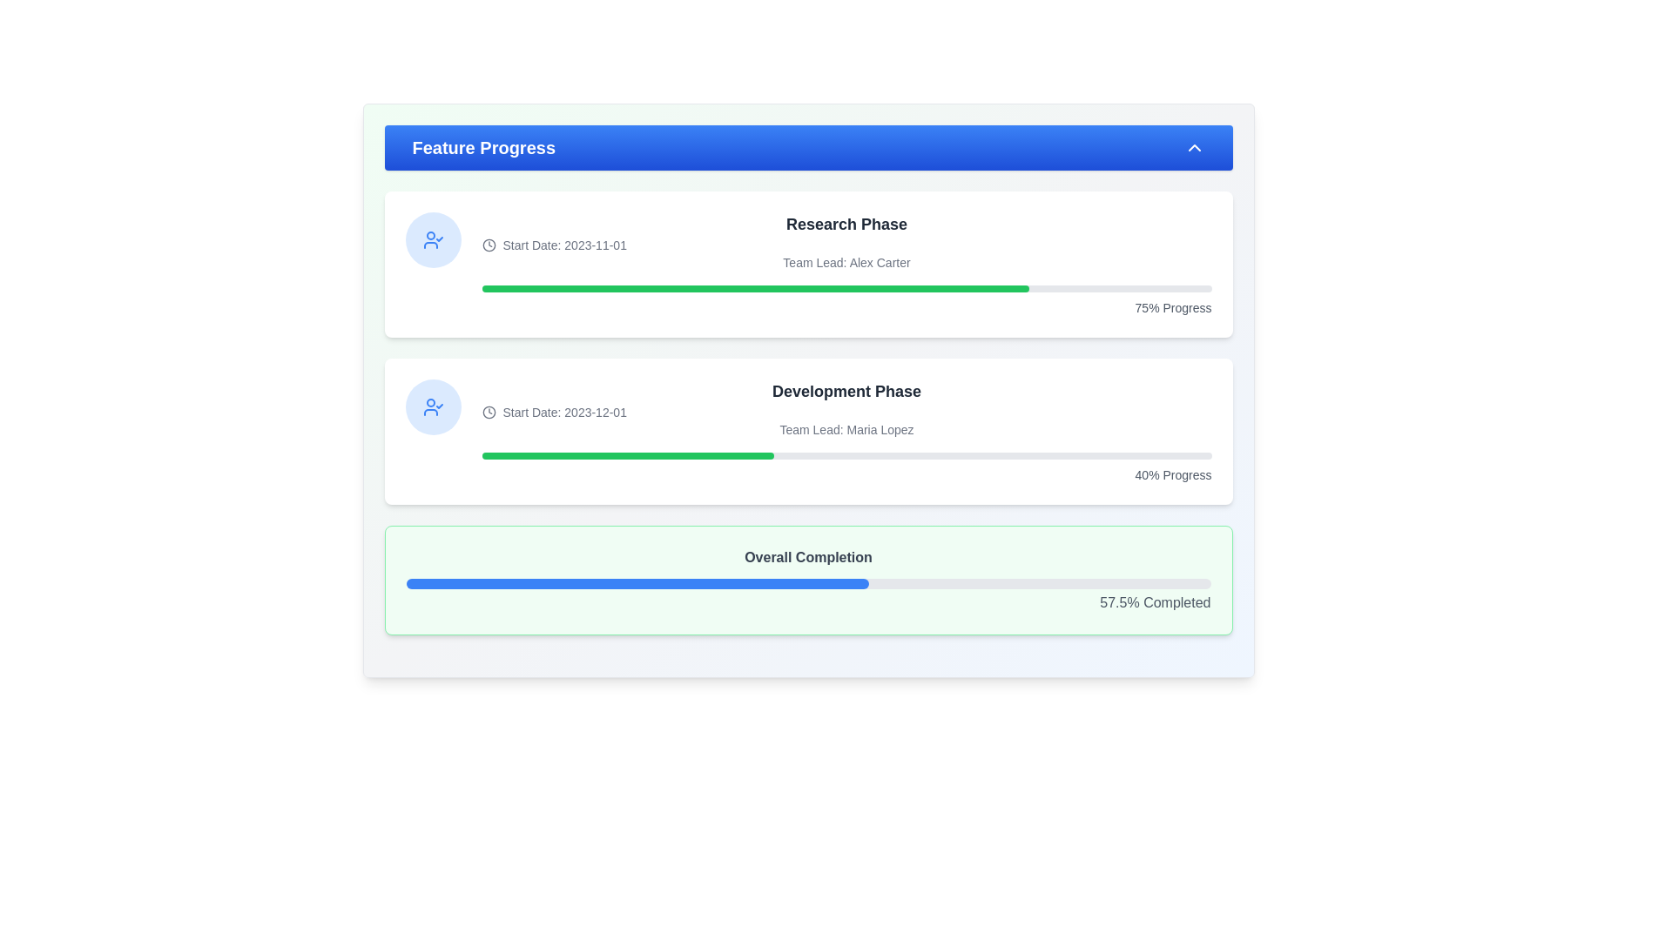 This screenshot has height=940, width=1672. What do you see at coordinates (488, 245) in the screenshot?
I see `the 'Start Date' icon located at the beginning of the 'Start Date: 2023-11-01' text block in the 'Feature Progress' section` at bounding box center [488, 245].